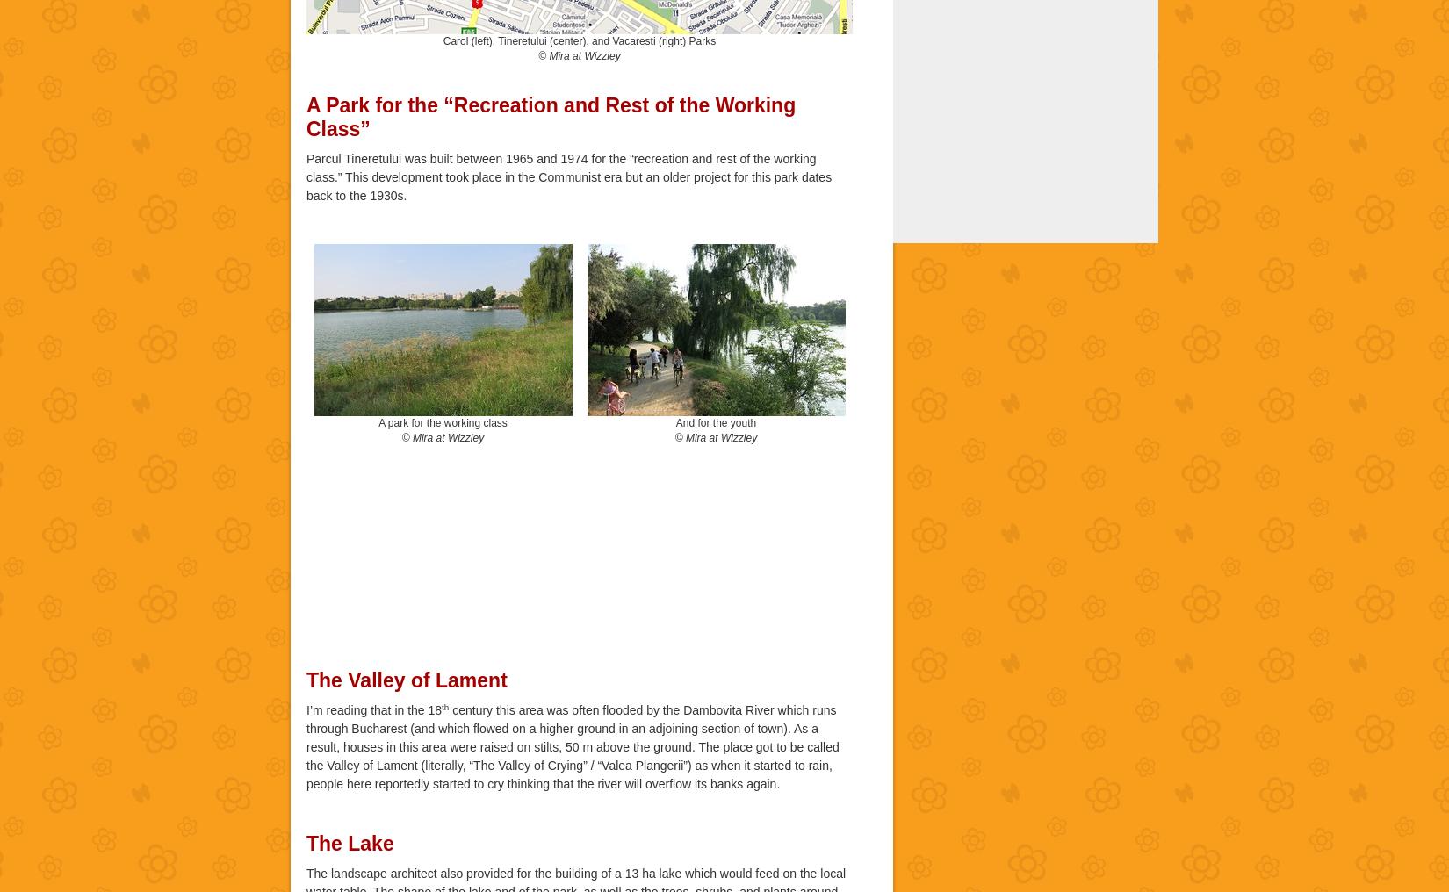 This screenshot has height=892, width=1449. What do you see at coordinates (350, 843) in the screenshot?
I see `'The Lake'` at bounding box center [350, 843].